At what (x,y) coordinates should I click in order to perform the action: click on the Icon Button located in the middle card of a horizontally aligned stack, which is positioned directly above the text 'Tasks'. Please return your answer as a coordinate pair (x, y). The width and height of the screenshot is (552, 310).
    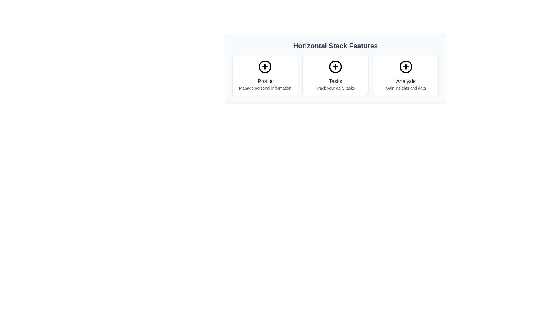
    Looking at the image, I should click on (335, 66).